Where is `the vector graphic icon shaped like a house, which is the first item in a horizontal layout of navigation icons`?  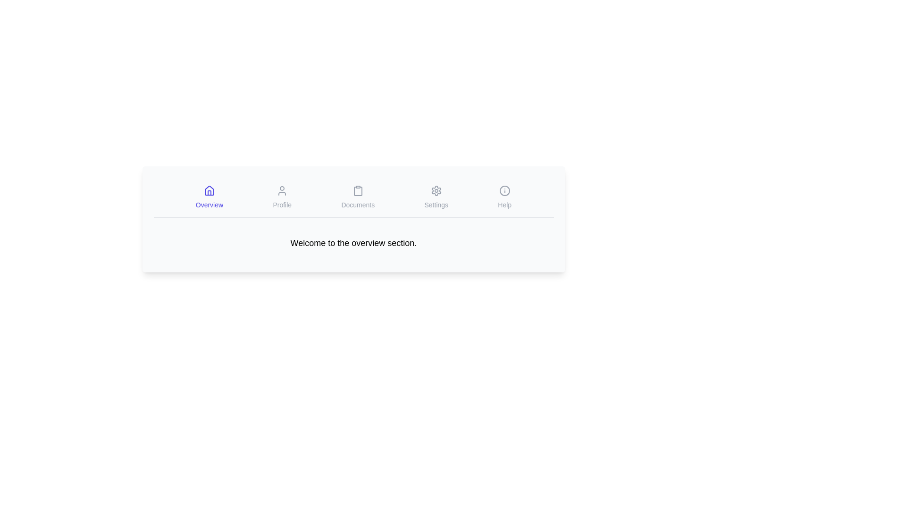
the vector graphic icon shaped like a house, which is the first item in a horizontal layout of navigation icons is located at coordinates (209, 190).